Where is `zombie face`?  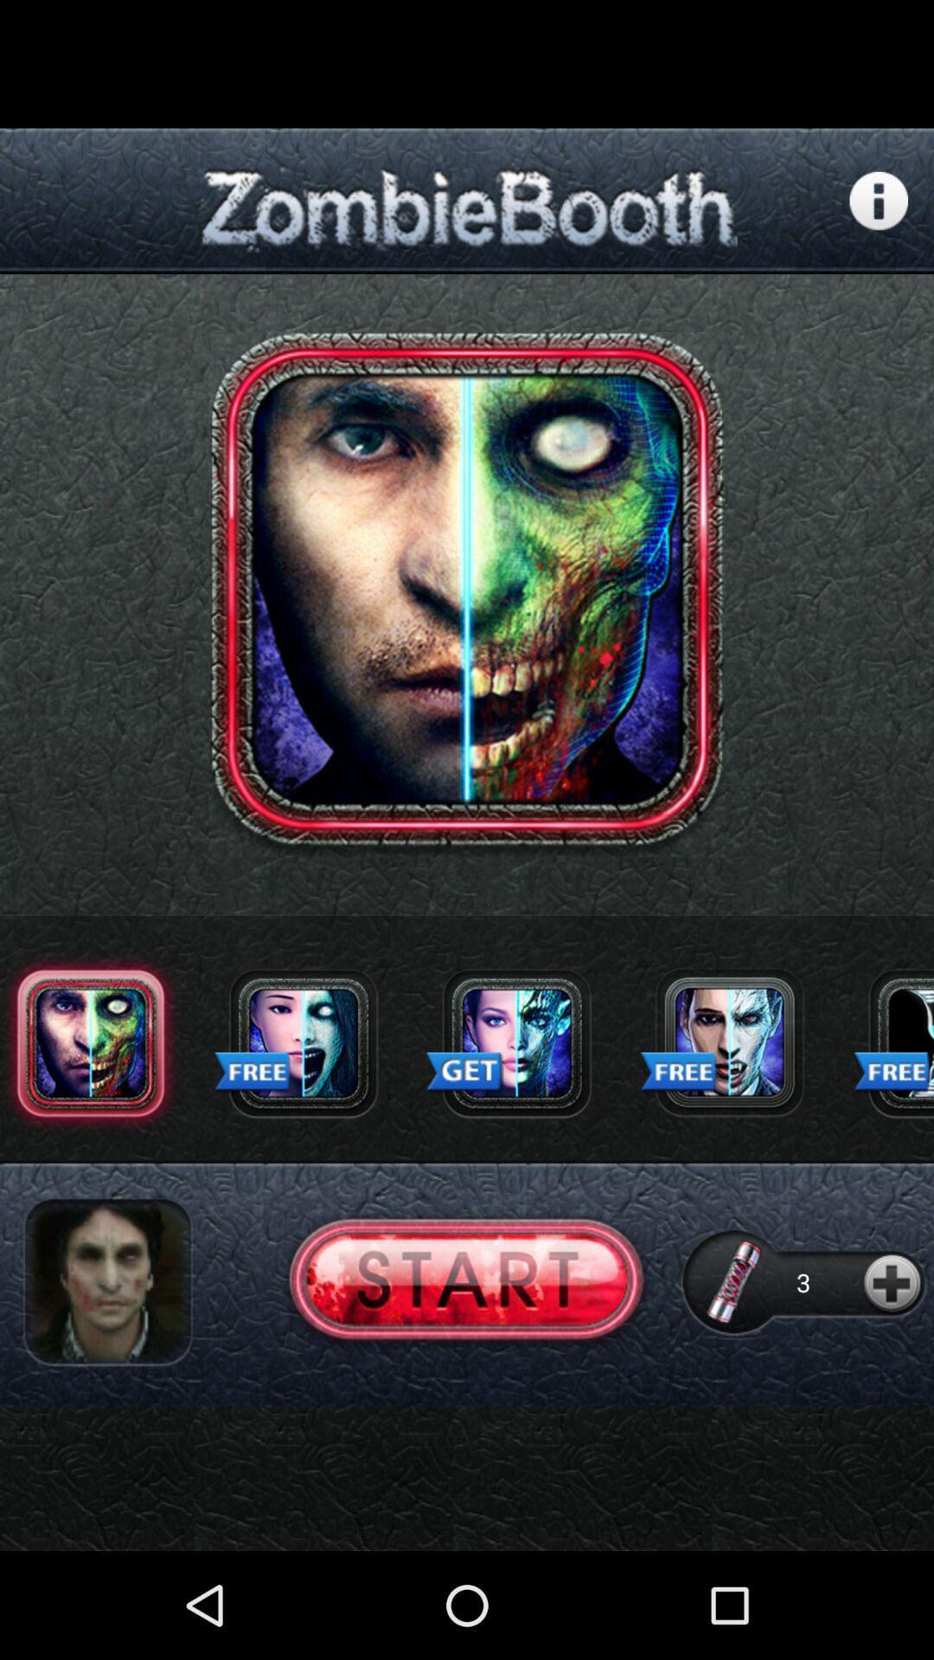
zombie face is located at coordinates (303, 1042).